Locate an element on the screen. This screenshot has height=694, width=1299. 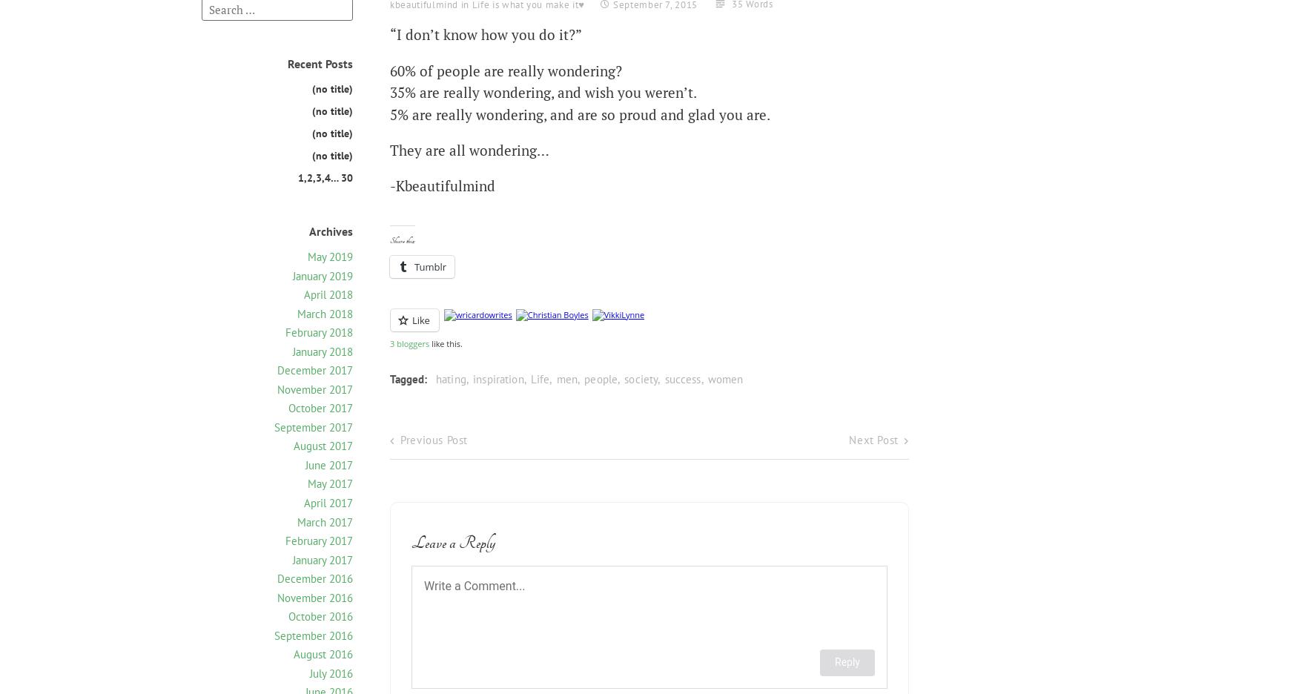
'Leave a Reply' is located at coordinates (455, 542).